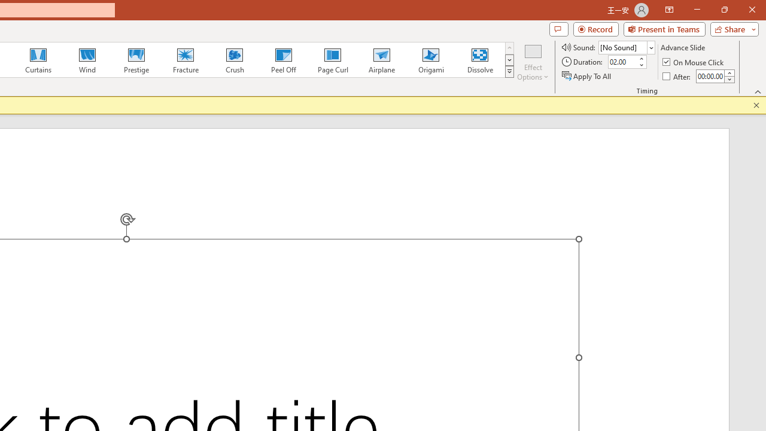 The width and height of the screenshot is (766, 431). What do you see at coordinates (86, 60) in the screenshot?
I see `'Wind'` at bounding box center [86, 60].